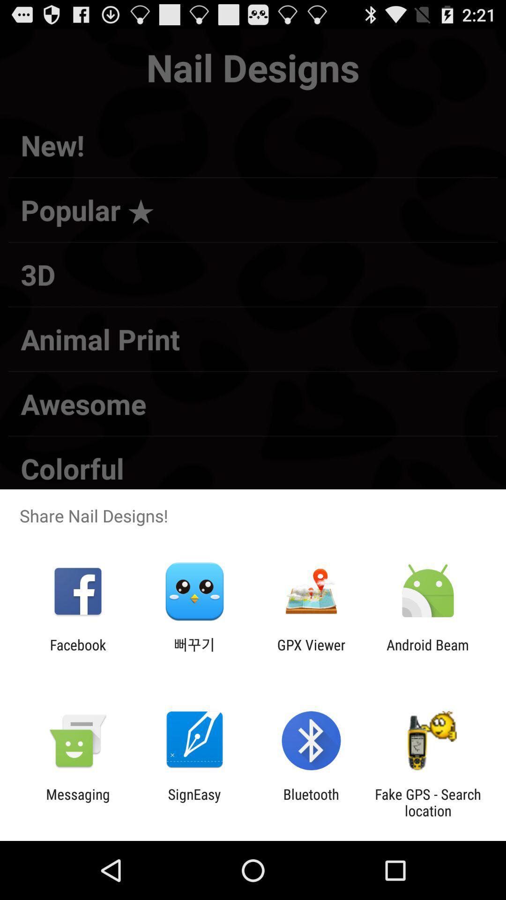 The width and height of the screenshot is (506, 900). I want to click on the bluetooth icon, so click(311, 802).